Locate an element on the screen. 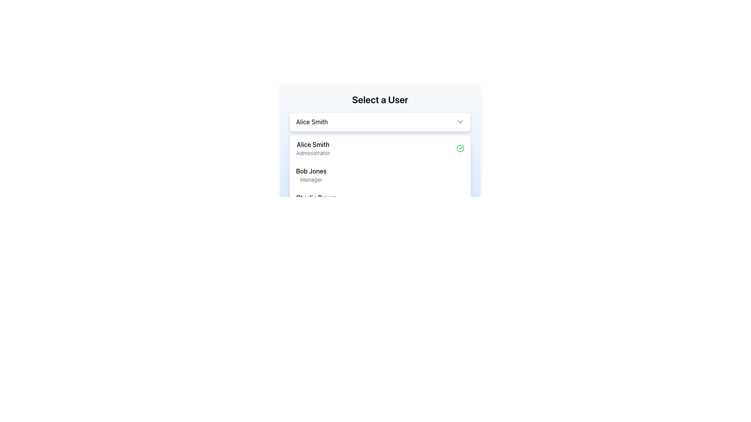  the user entry displaying 'Charlie Brown' in the selectable list under the 'Select a User' dropdown is located at coordinates (316, 201).